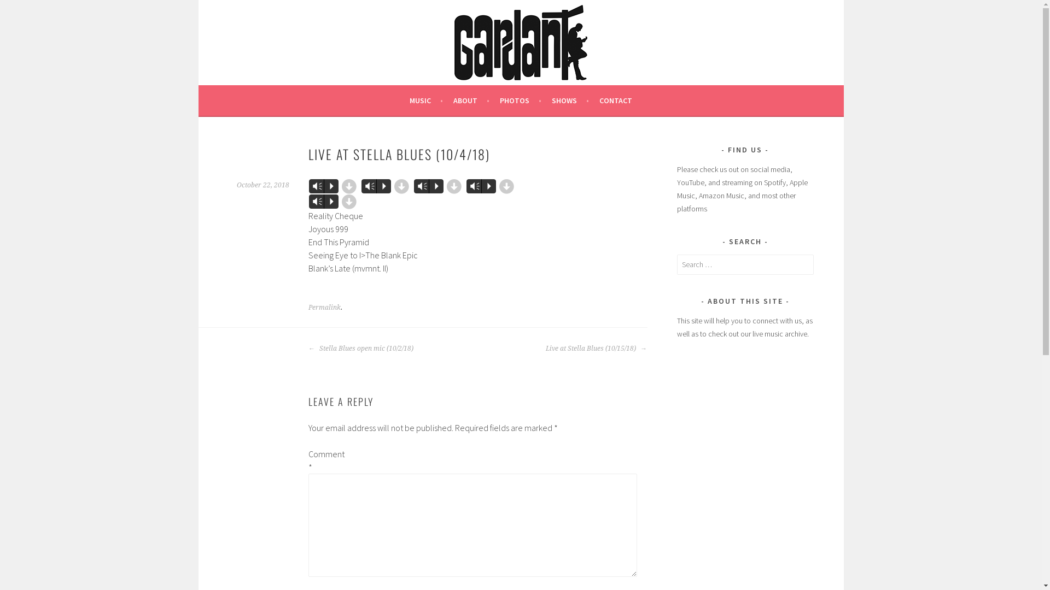 This screenshot has height=590, width=1050. Describe the element at coordinates (598, 101) in the screenshot. I see `'CONTACT'` at that location.